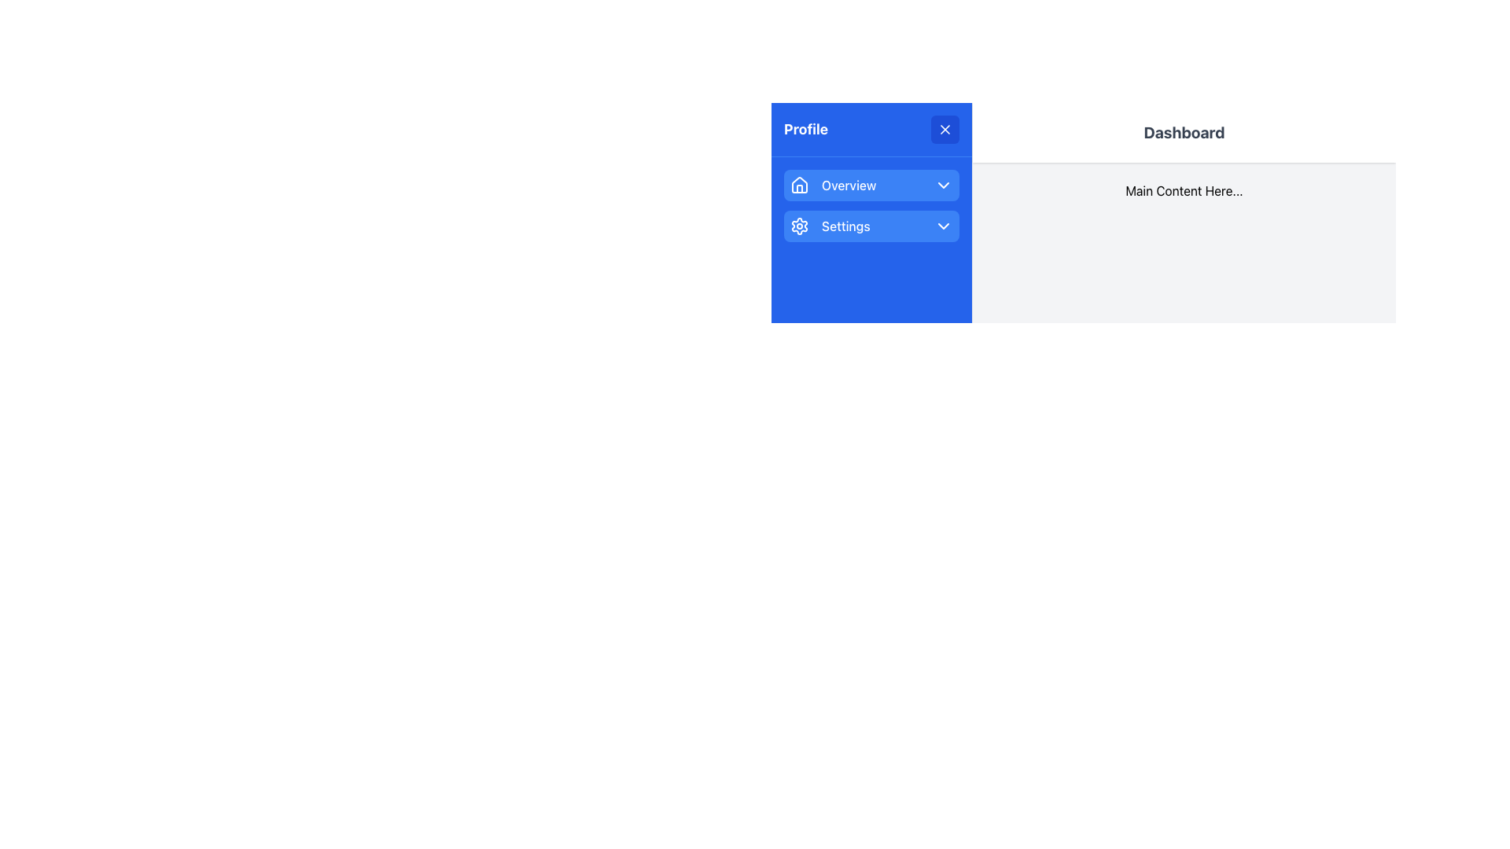 The height and width of the screenshot is (849, 1510). What do you see at coordinates (944, 129) in the screenshot?
I see `the close button graphic located in the top-right corner of the blue 'Profile' sidebar` at bounding box center [944, 129].